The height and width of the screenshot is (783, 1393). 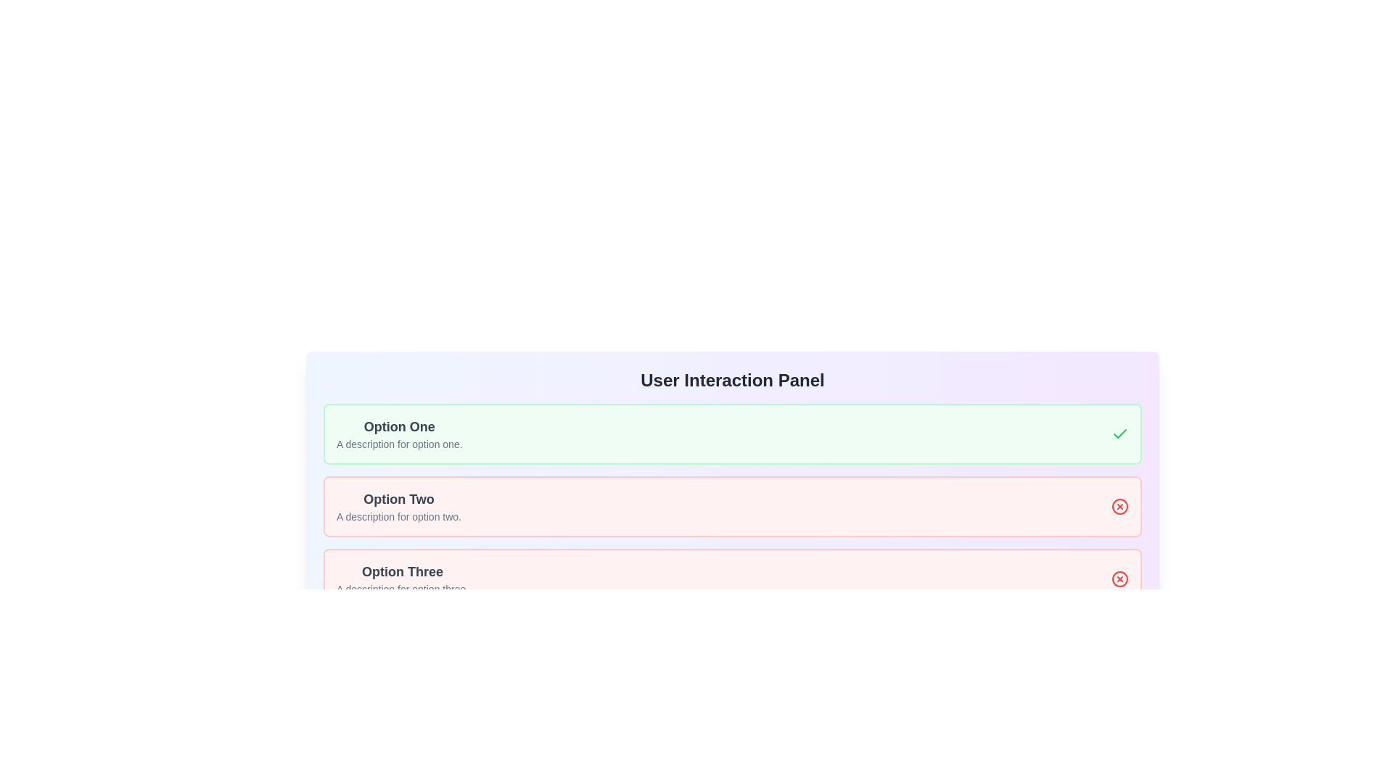 What do you see at coordinates (399, 499) in the screenshot?
I see `the text label displaying 'Option Two' which is bold and dark gray` at bounding box center [399, 499].